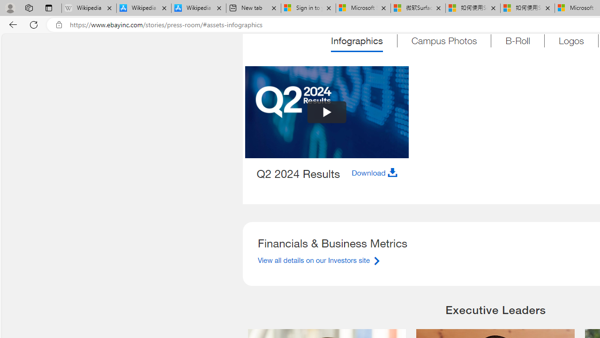  What do you see at coordinates (308, 8) in the screenshot?
I see `'Sign in to your Microsoft account'` at bounding box center [308, 8].